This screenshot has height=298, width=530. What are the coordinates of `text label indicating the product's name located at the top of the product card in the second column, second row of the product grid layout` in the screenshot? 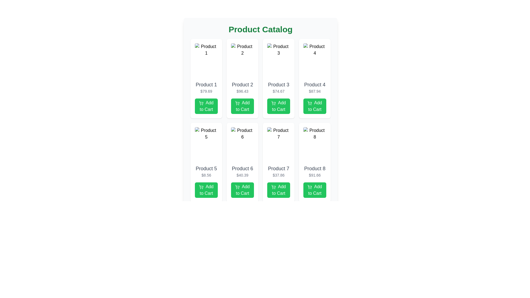 It's located at (242, 168).